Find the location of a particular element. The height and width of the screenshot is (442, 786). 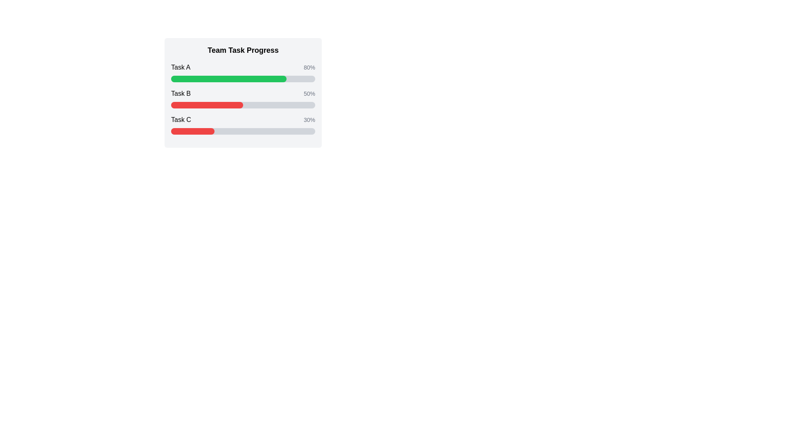

text label identifying 'Task A' located at the top of the task list section, which serves to indicate the corresponding progress bar and percentage indicator is located at coordinates (180, 67).